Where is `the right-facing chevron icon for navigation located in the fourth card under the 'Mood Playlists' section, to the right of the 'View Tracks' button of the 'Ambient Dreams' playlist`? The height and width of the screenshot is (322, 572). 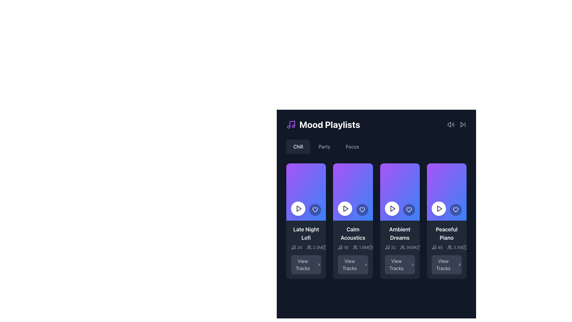
the right-facing chevron icon for navigation located in the fourth card under the 'Mood Playlists' section, to the right of the 'View Tracks' button of the 'Ambient Dreams' playlist is located at coordinates (412, 264).